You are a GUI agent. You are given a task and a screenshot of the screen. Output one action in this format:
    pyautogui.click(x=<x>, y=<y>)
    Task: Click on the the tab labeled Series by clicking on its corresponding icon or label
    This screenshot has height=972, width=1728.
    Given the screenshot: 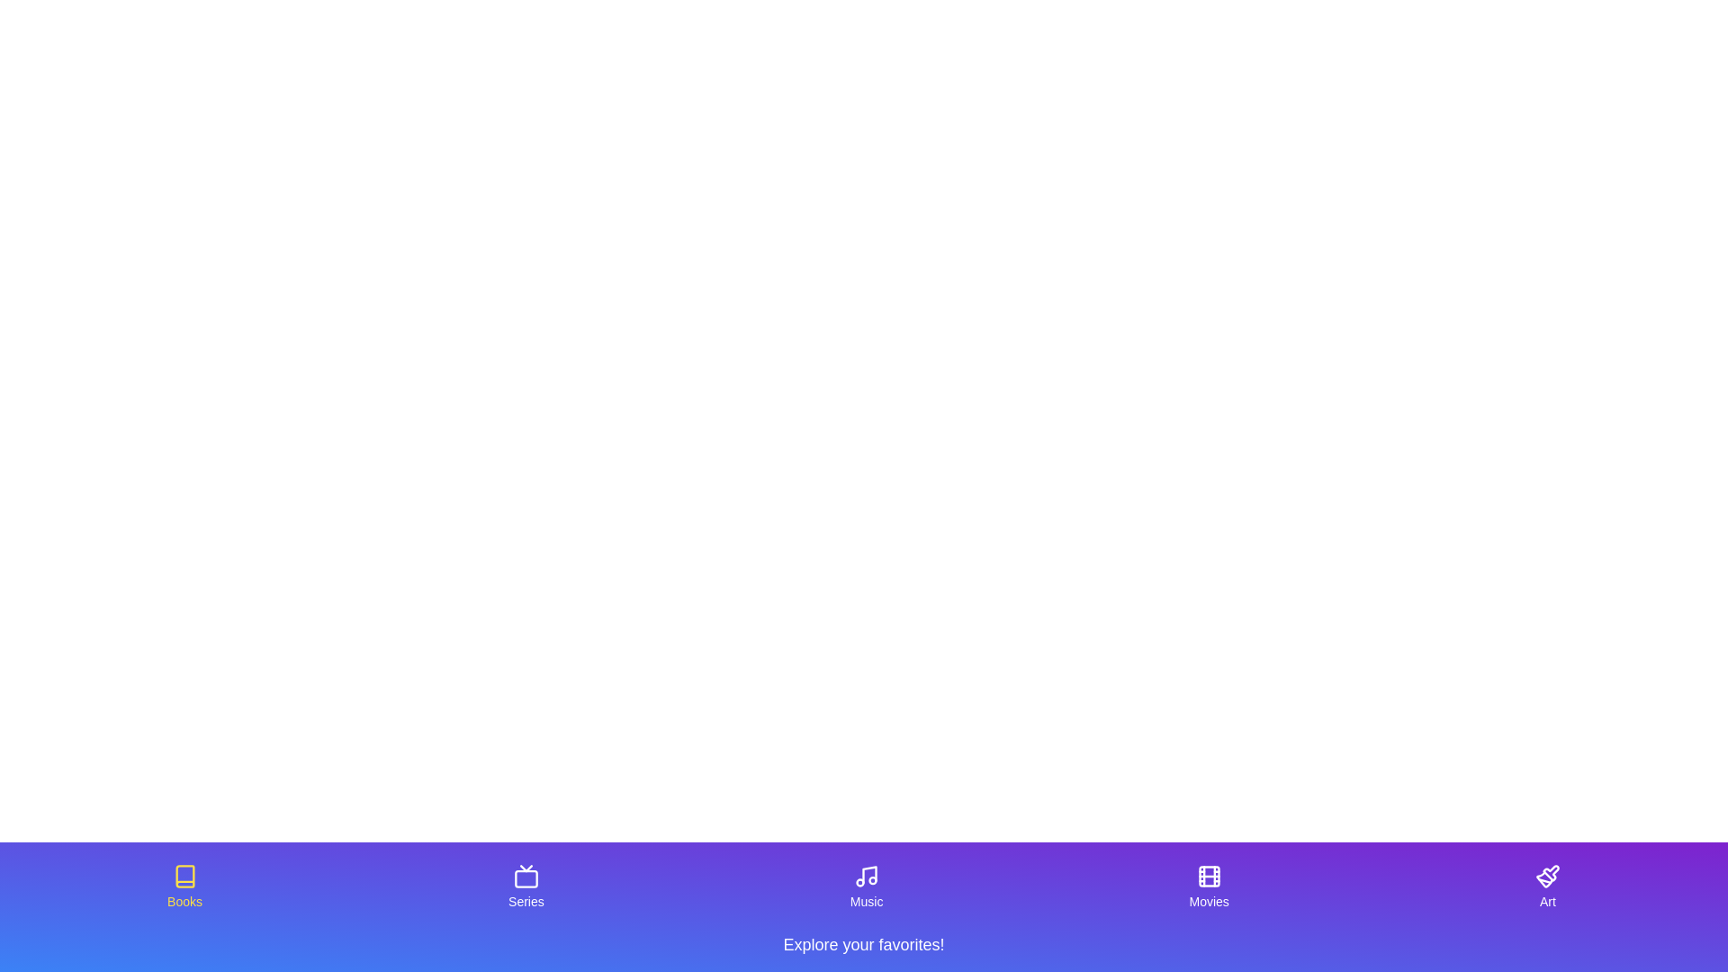 What is the action you would take?
    pyautogui.click(x=525, y=886)
    